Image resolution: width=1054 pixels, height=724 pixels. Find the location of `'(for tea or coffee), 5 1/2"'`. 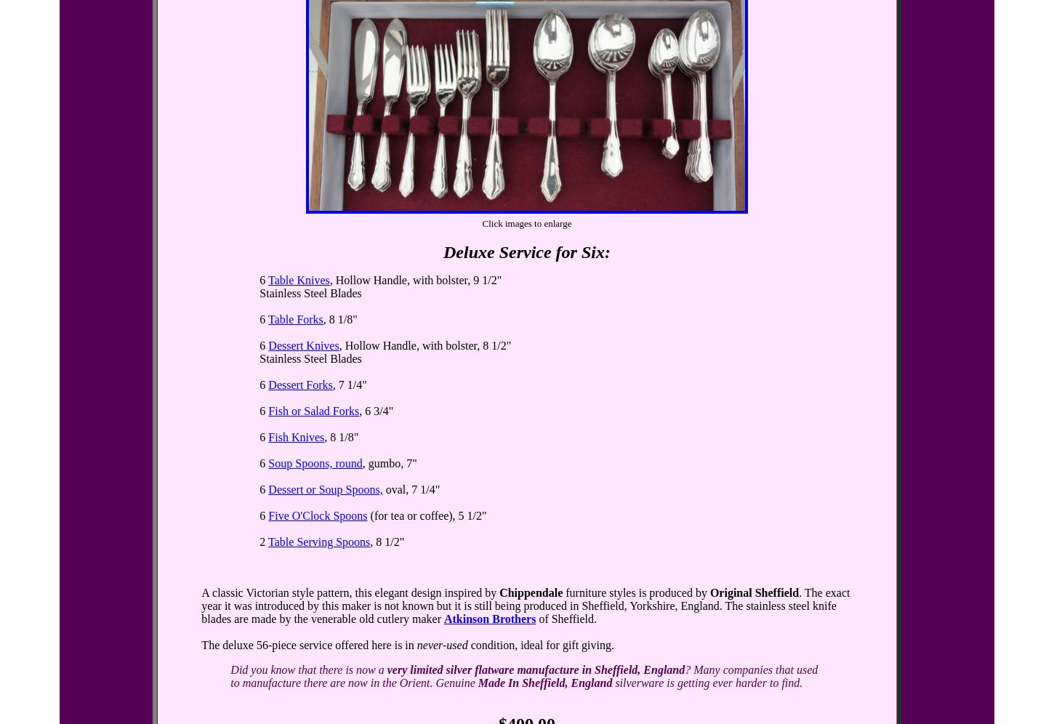

'(for tea or coffee), 5 1/2"' is located at coordinates (426, 515).